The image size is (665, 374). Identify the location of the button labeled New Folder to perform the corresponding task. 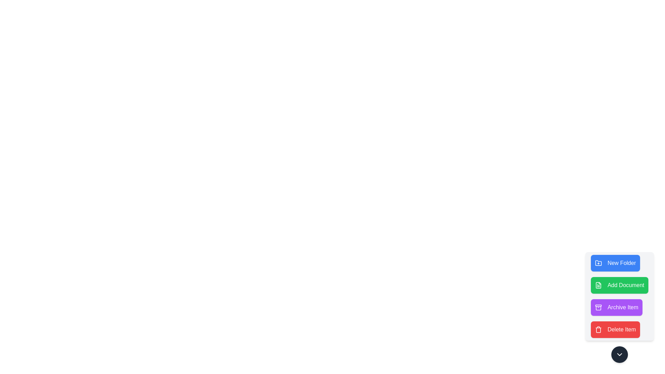
(615, 263).